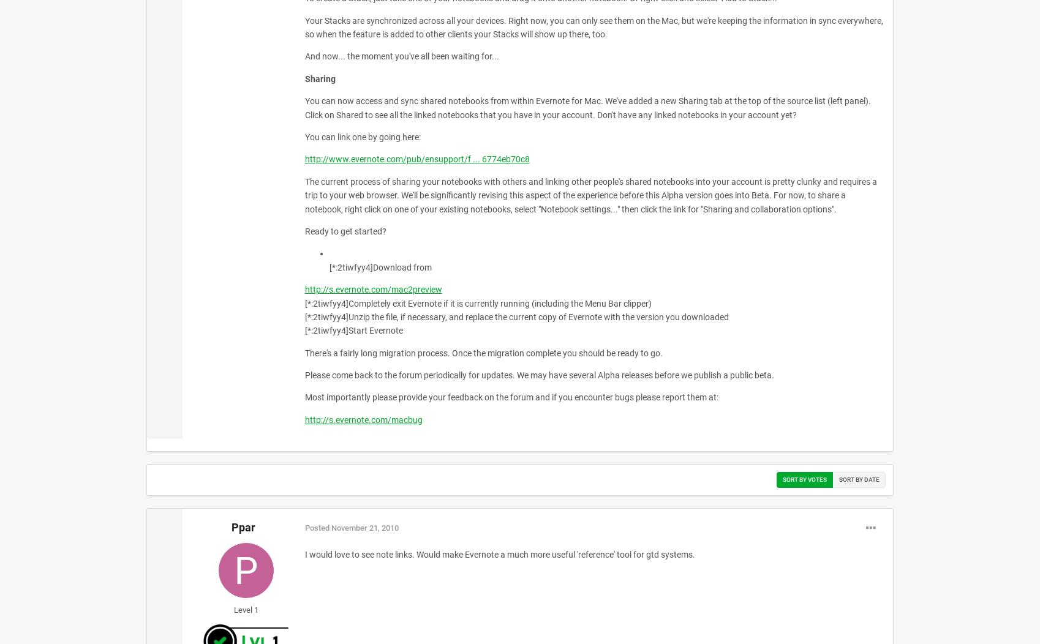 The width and height of the screenshot is (1040, 644). I want to click on 'http://s.evernote.com/macbug', so click(363, 418).